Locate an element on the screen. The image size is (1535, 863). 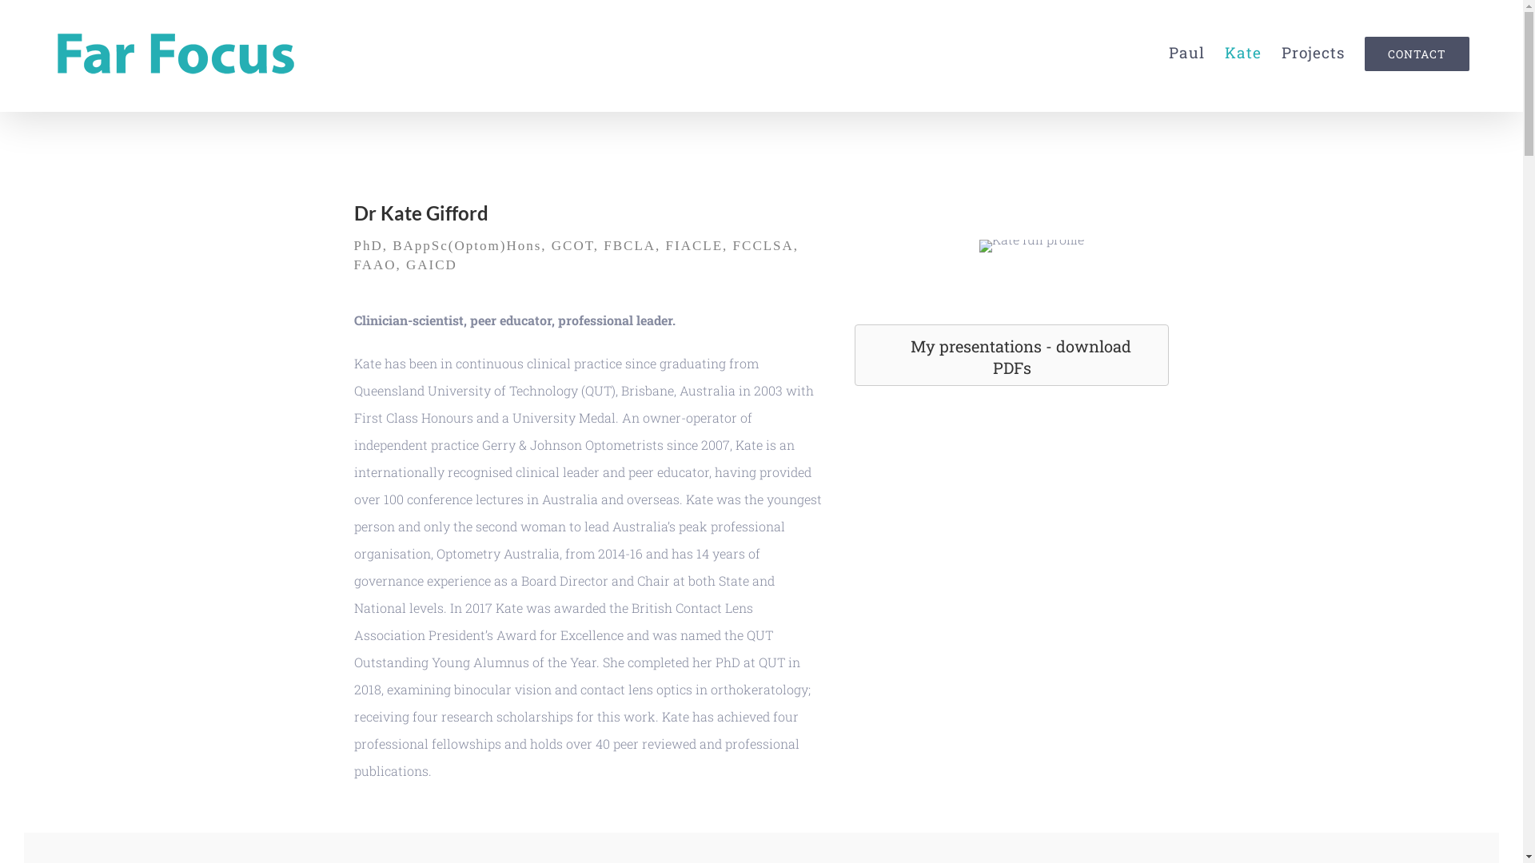
'Paul' is located at coordinates (1186, 51).